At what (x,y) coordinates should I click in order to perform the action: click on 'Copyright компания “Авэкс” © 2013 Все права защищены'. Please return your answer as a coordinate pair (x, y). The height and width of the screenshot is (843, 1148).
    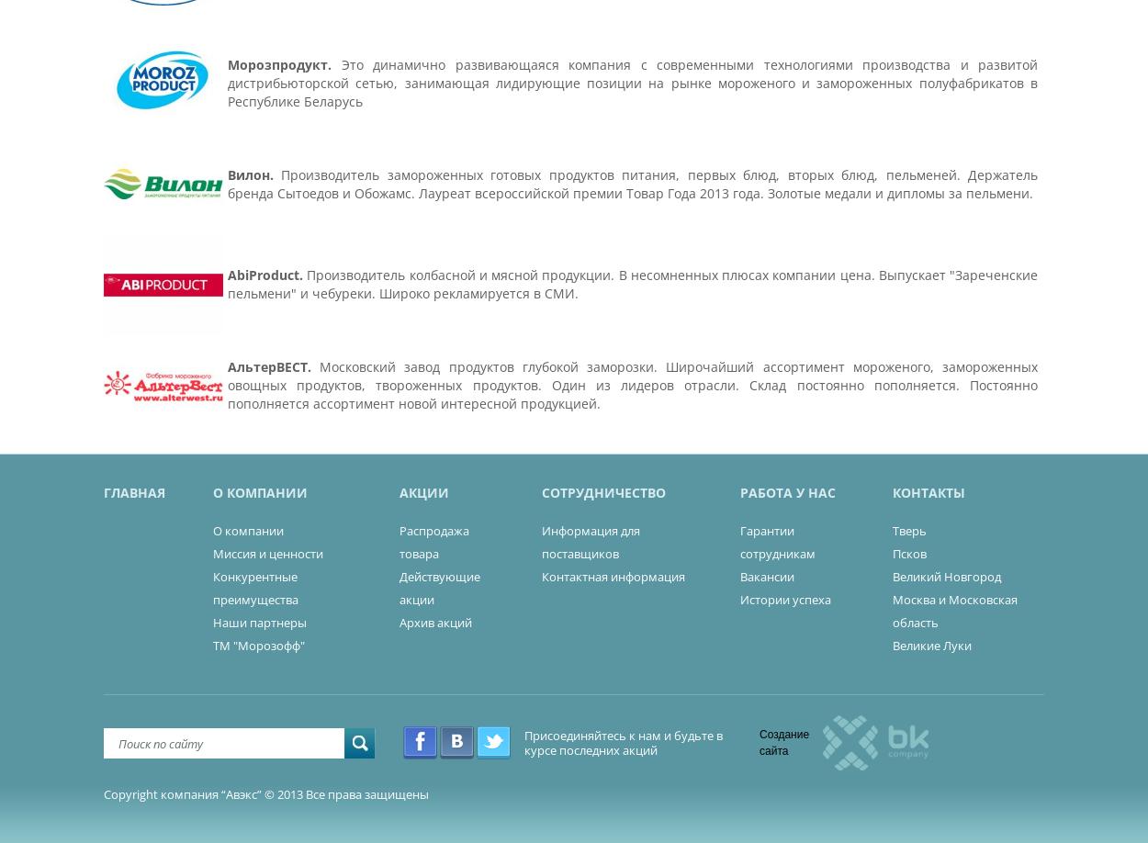
    Looking at the image, I should click on (266, 793).